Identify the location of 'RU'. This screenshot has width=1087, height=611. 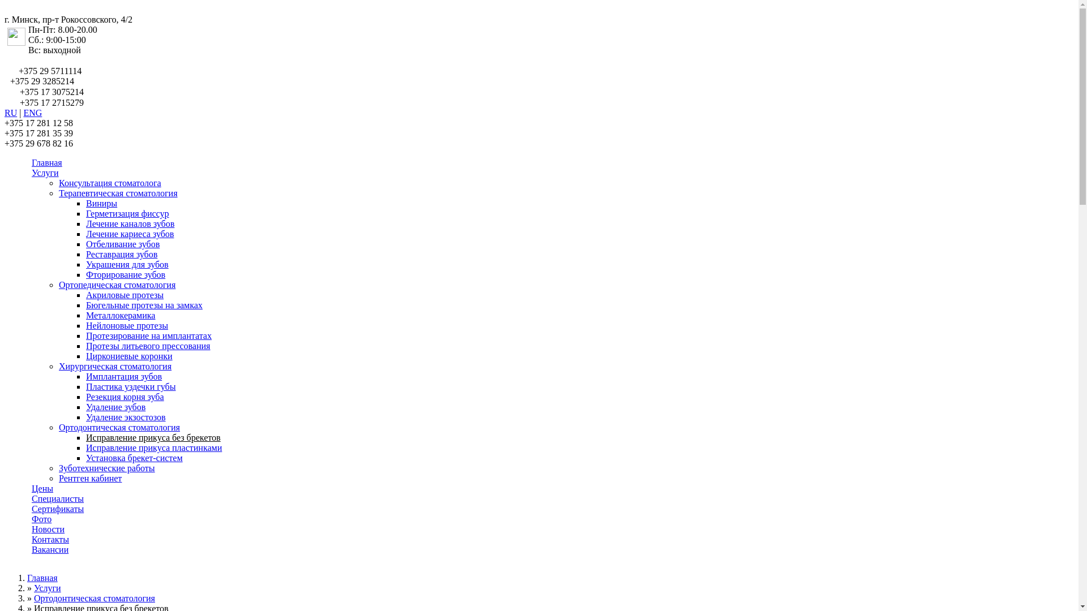
(11, 113).